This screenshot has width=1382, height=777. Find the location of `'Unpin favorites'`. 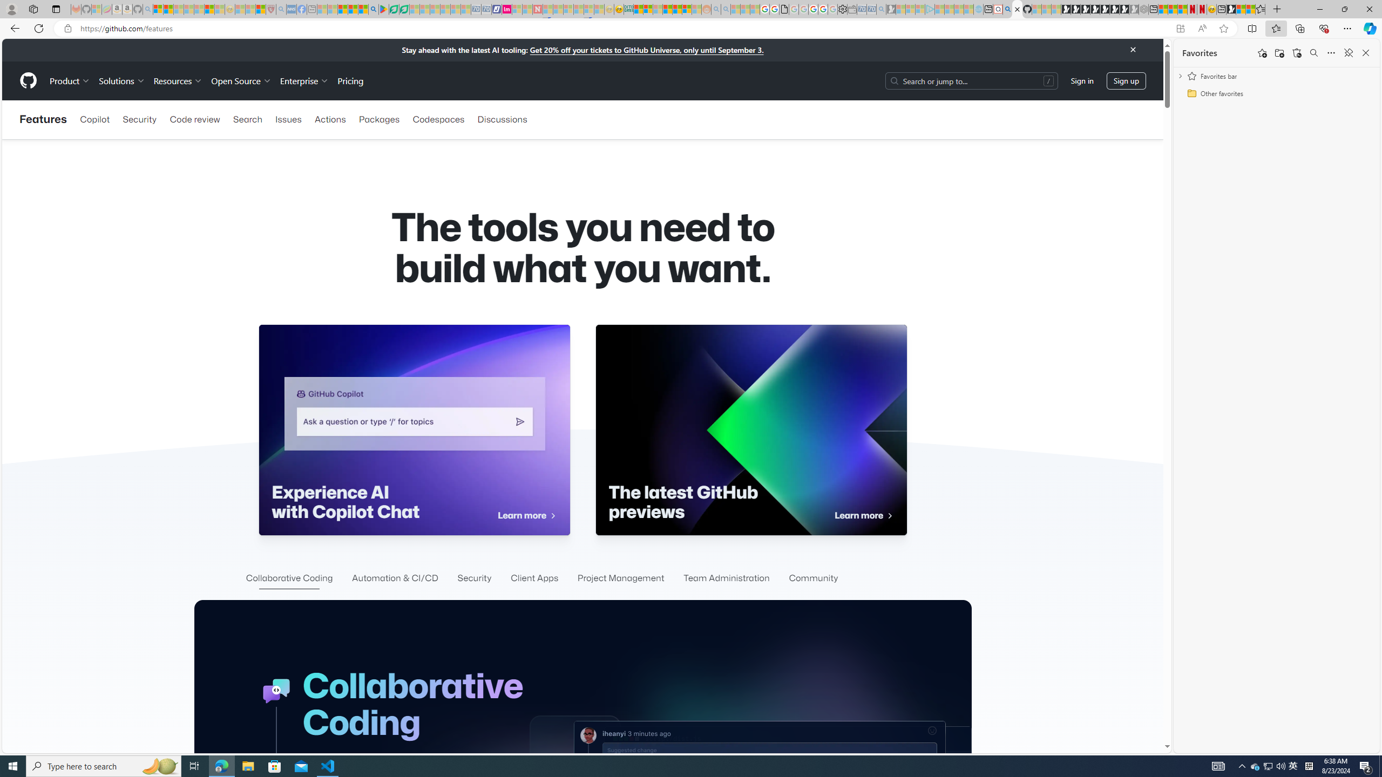

'Unpin favorites' is located at coordinates (1347, 52).